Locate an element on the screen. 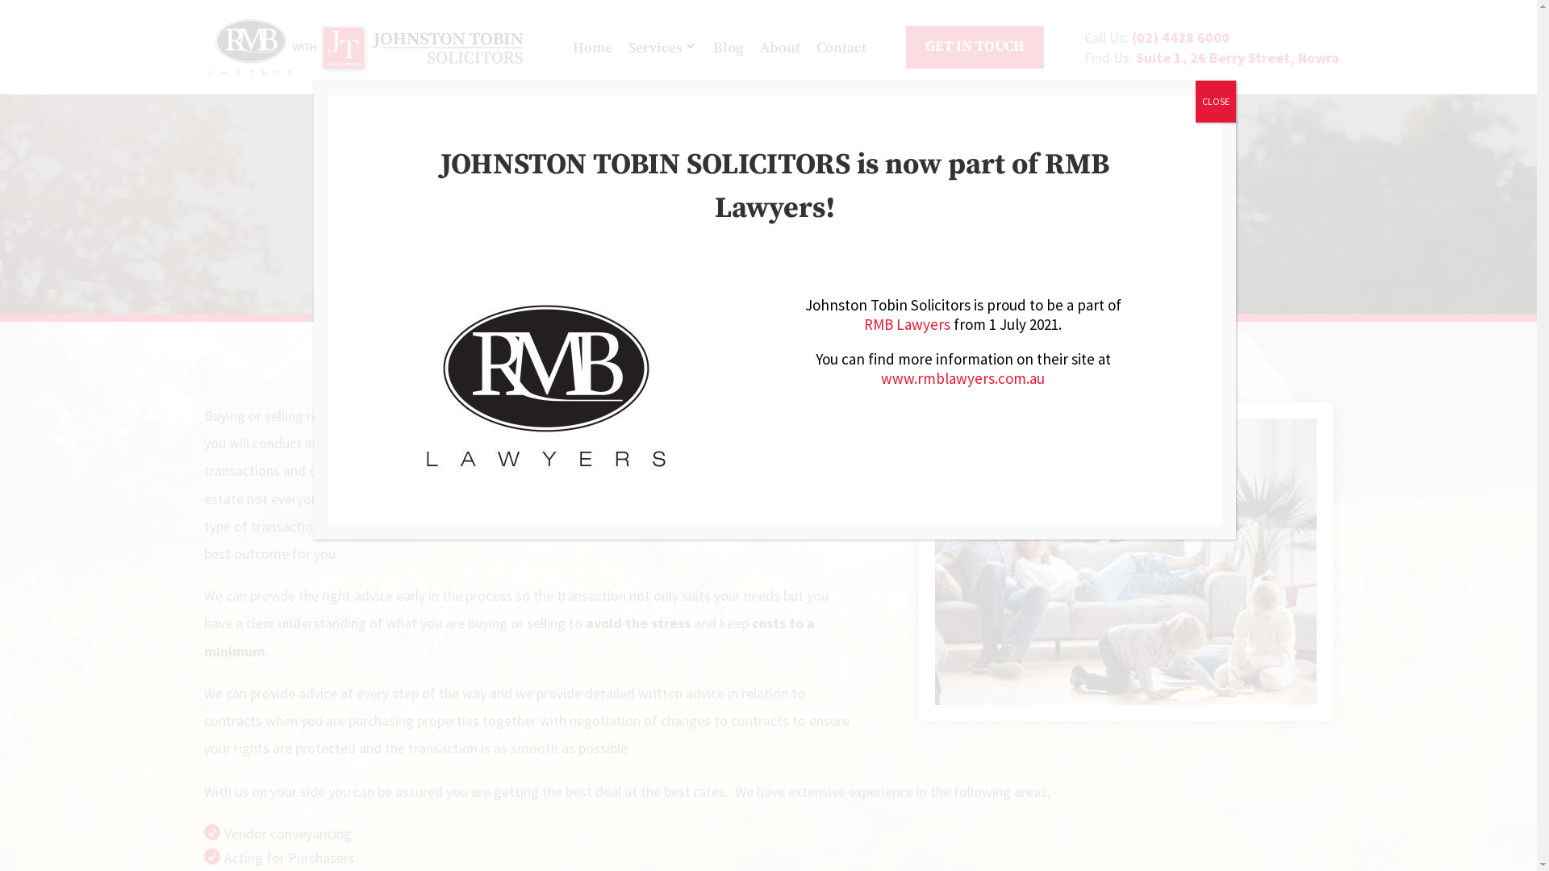 Image resolution: width=1549 pixels, height=871 pixels. 'GET IN TOUCH' is located at coordinates (974, 46).